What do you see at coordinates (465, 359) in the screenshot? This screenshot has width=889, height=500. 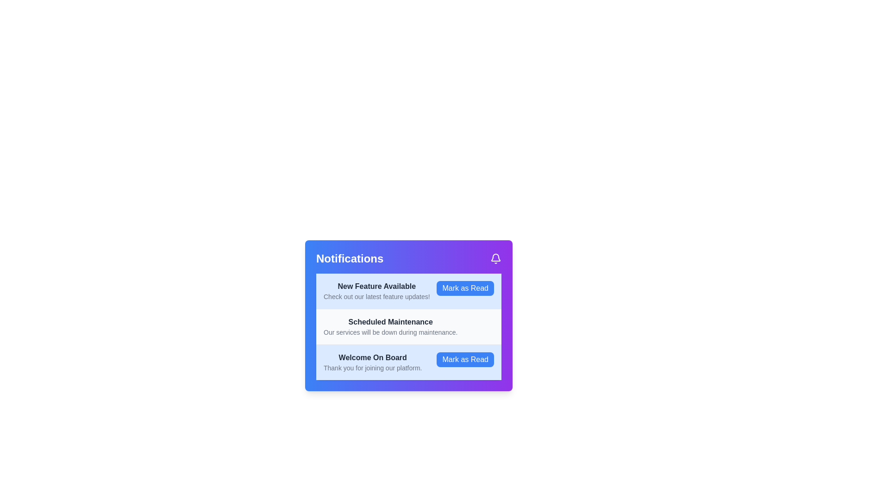 I see `the action button in the third notification block` at bounding box center [465, 359].